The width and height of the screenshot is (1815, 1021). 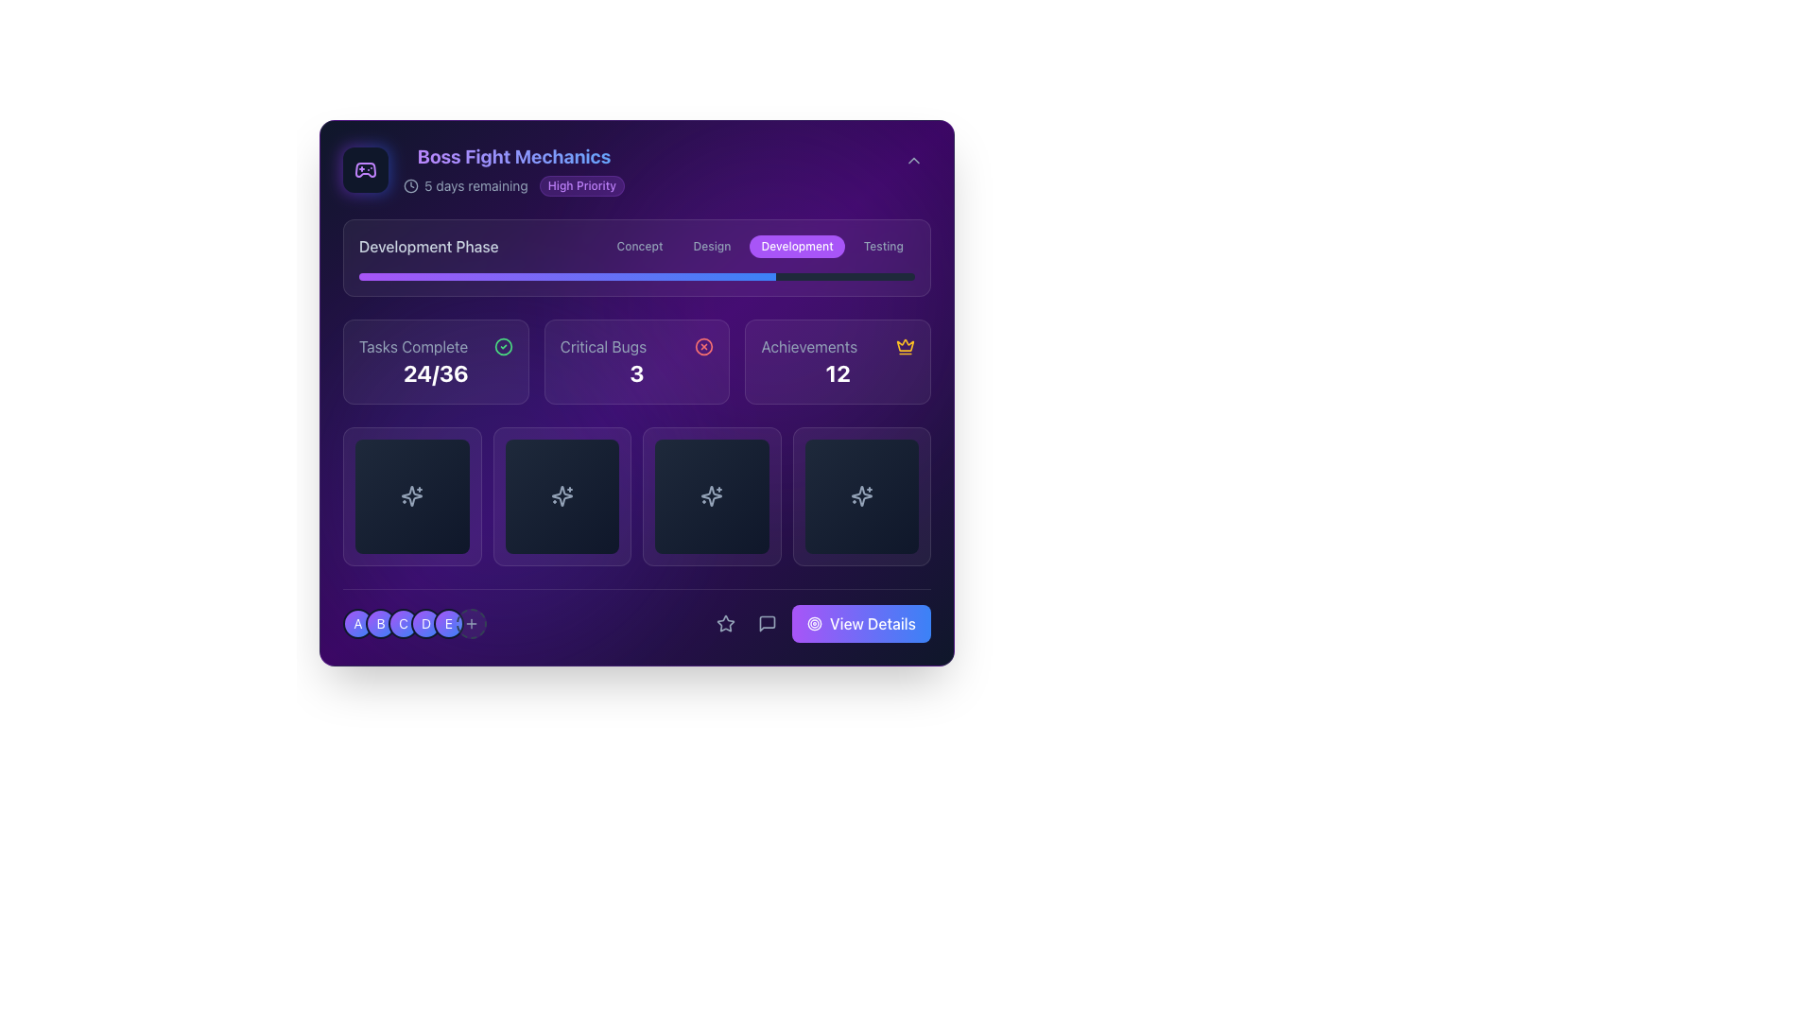 I want to click on the sparkle icon card, which is a square card with rounded corners, located in the second column of a four-column grid layout, in the third row of the main content section, so click(x=561, y=495).